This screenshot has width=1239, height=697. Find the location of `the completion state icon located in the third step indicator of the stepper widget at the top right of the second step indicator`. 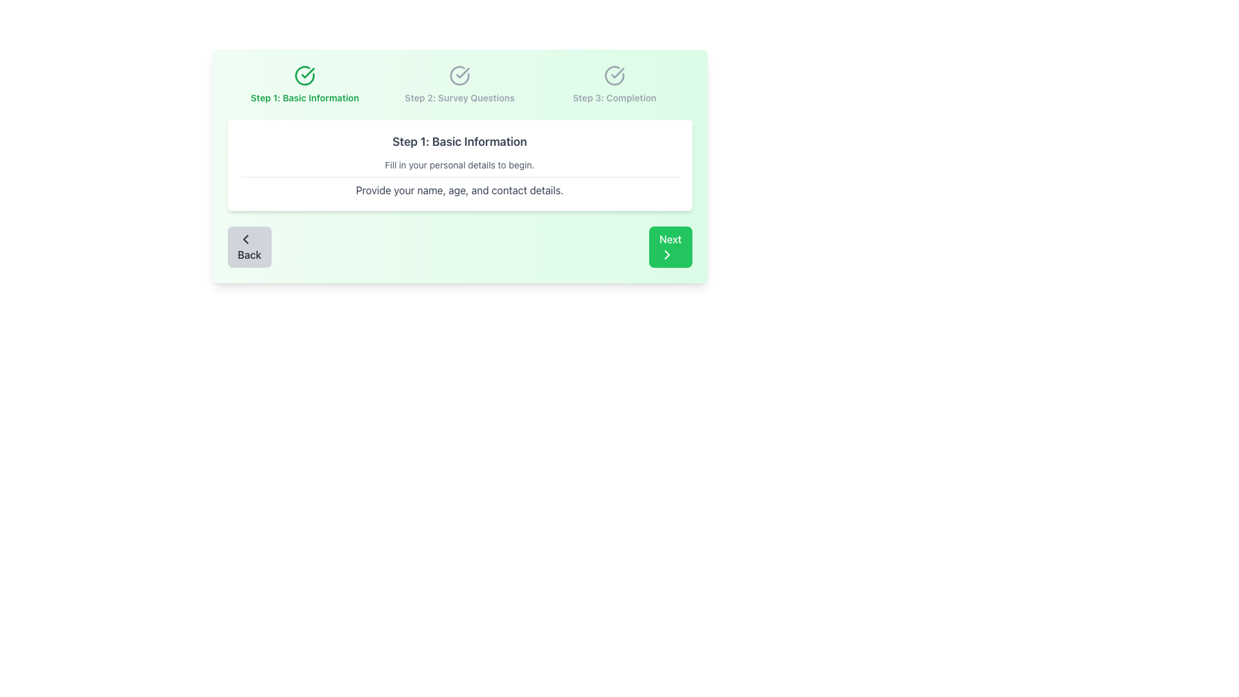

the completion state icon located in the third step indicator of the stepper widget at the top right of the second step indicator is located at coordinates (614, 76).